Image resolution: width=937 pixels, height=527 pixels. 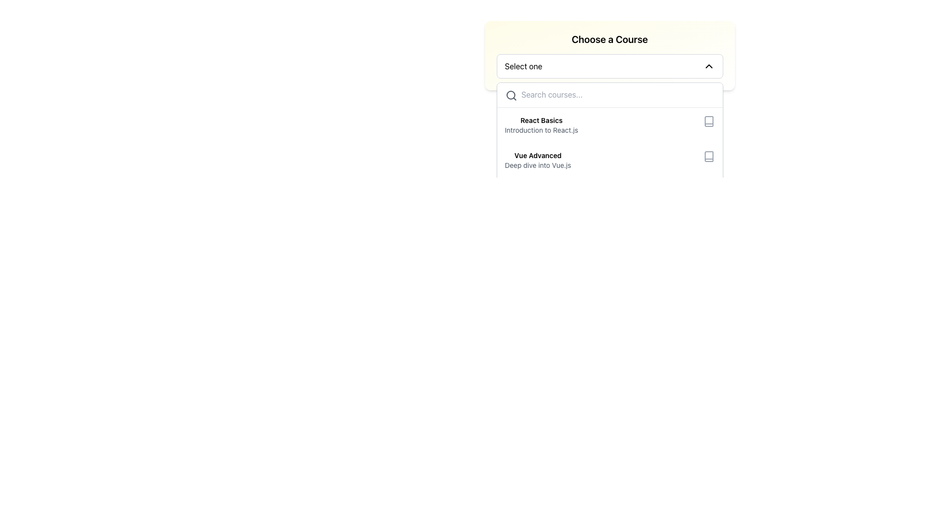 I want to click on the static label or heading text that indicates the purpose of the dropdown menu for course selection, positioned at the top center above the 'Select one' dropdown, so click(x=609, y=39).